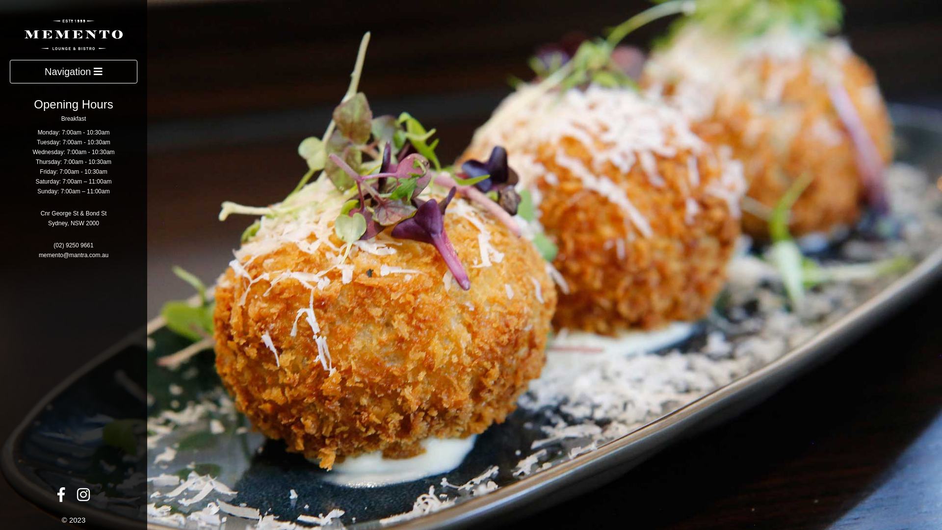  I want to click on 'Instagram', so click(83, 497).